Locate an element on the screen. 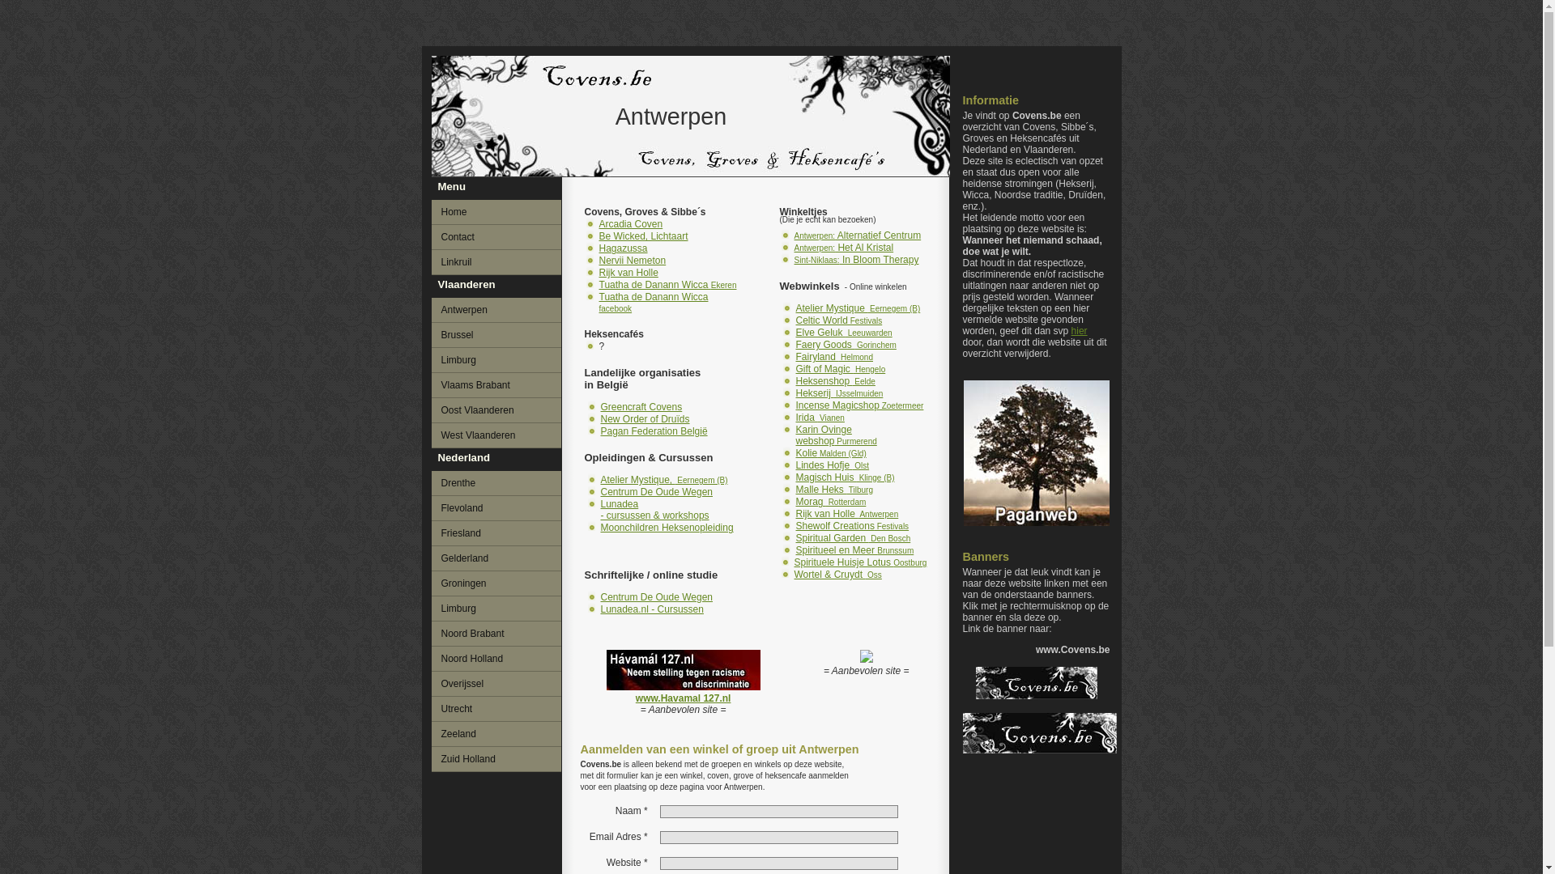 The width and height of the screenshot is (1555, 874). 'Brussel' is located at coordinates (431, 333).